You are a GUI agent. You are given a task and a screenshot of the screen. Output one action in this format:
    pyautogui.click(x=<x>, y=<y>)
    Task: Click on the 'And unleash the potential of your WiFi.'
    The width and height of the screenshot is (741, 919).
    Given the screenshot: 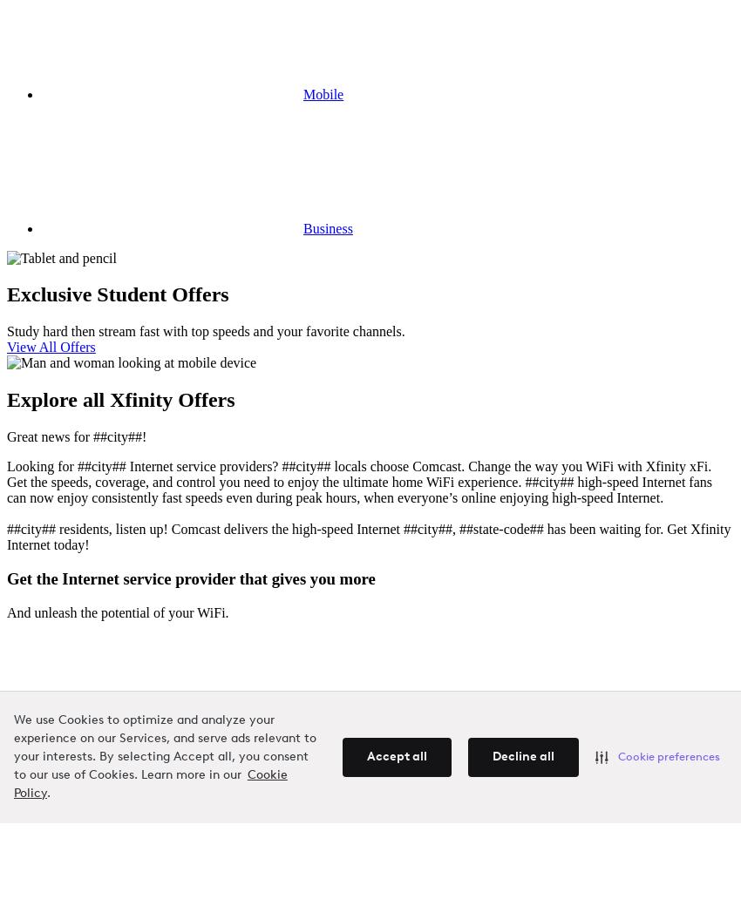 What is the action you would take?
    pyautogui.click(x=117, y=611)
    